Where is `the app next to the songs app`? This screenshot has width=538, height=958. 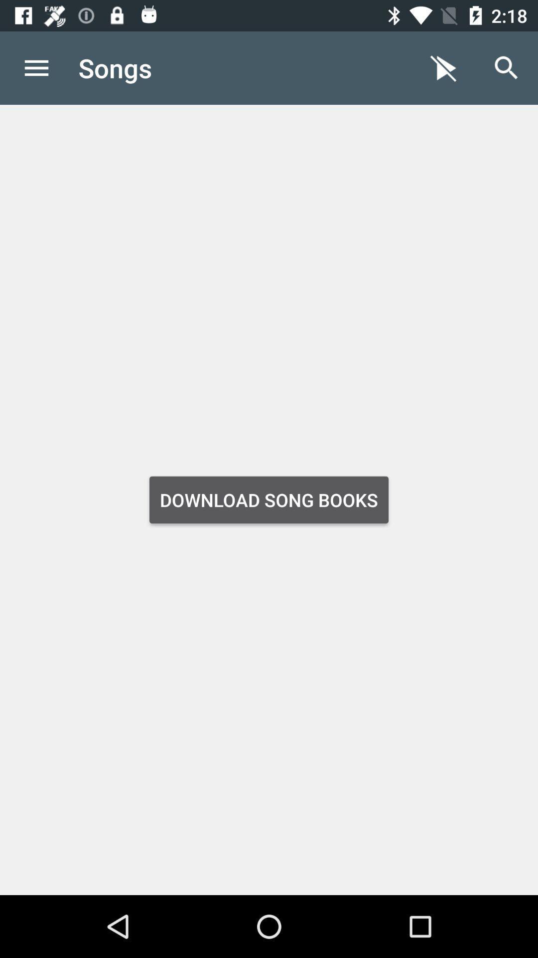
the app next to the songs app is located at coordinates (443, 67).